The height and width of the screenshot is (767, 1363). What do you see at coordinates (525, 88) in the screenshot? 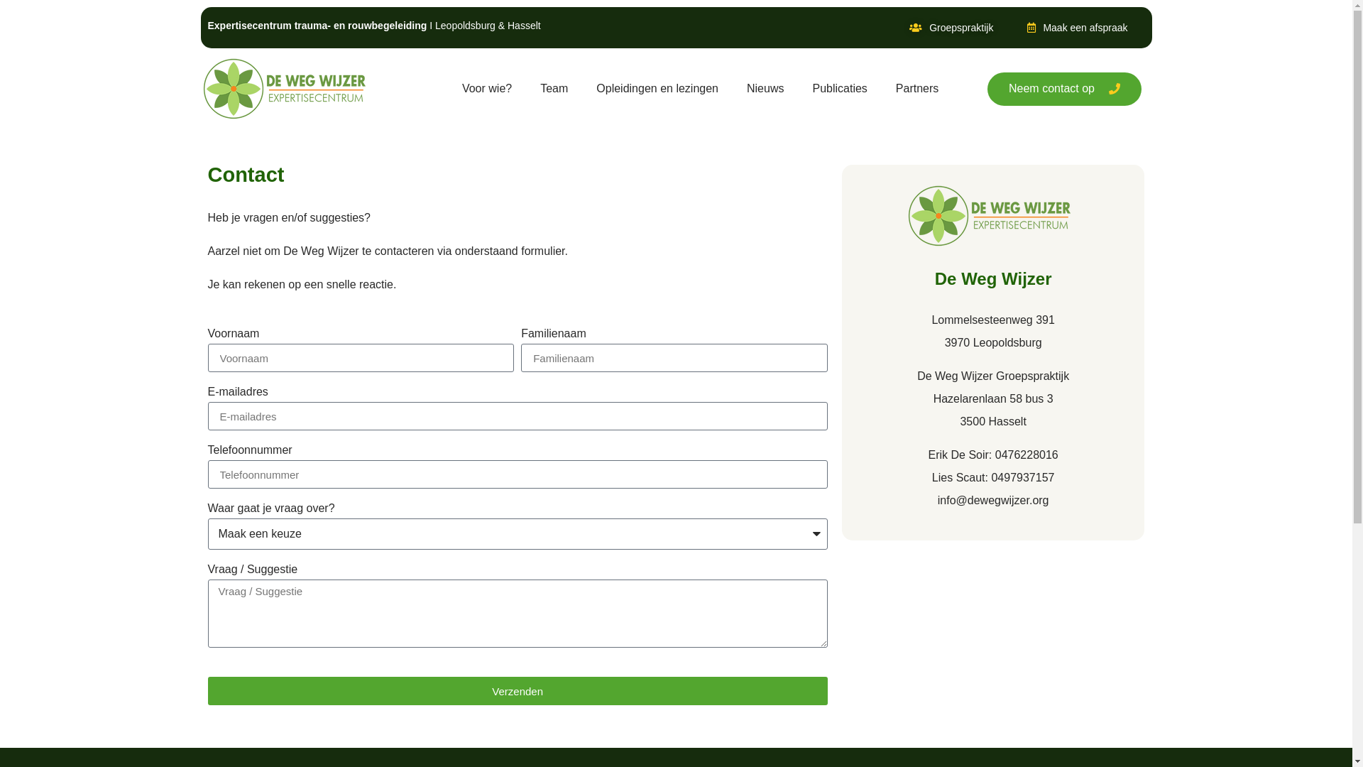
I see `'Team'` at bounding box center [525, 88].